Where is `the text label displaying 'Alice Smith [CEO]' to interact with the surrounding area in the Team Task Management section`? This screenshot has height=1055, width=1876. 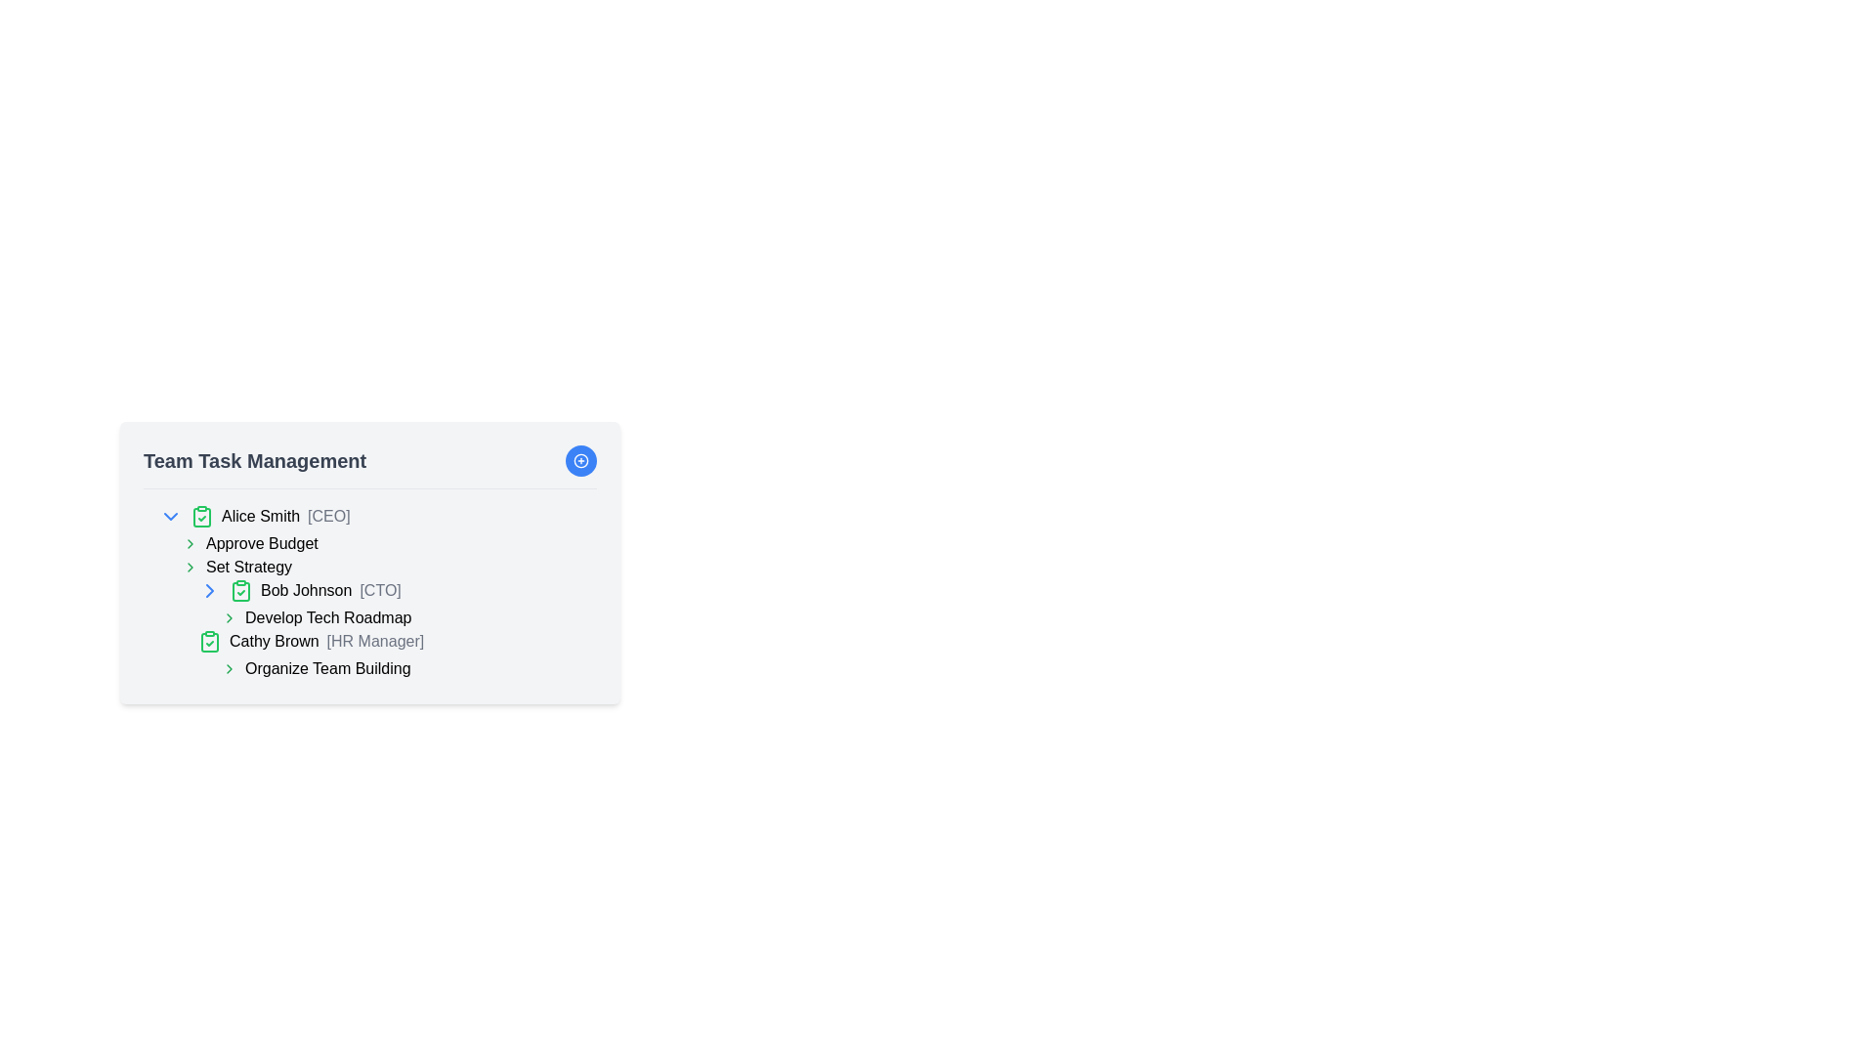 the text label displaying 'Alice Smith [CEO]' to interact with the surrounding area in the Team Task Management section is located at coordinates (284, 515).